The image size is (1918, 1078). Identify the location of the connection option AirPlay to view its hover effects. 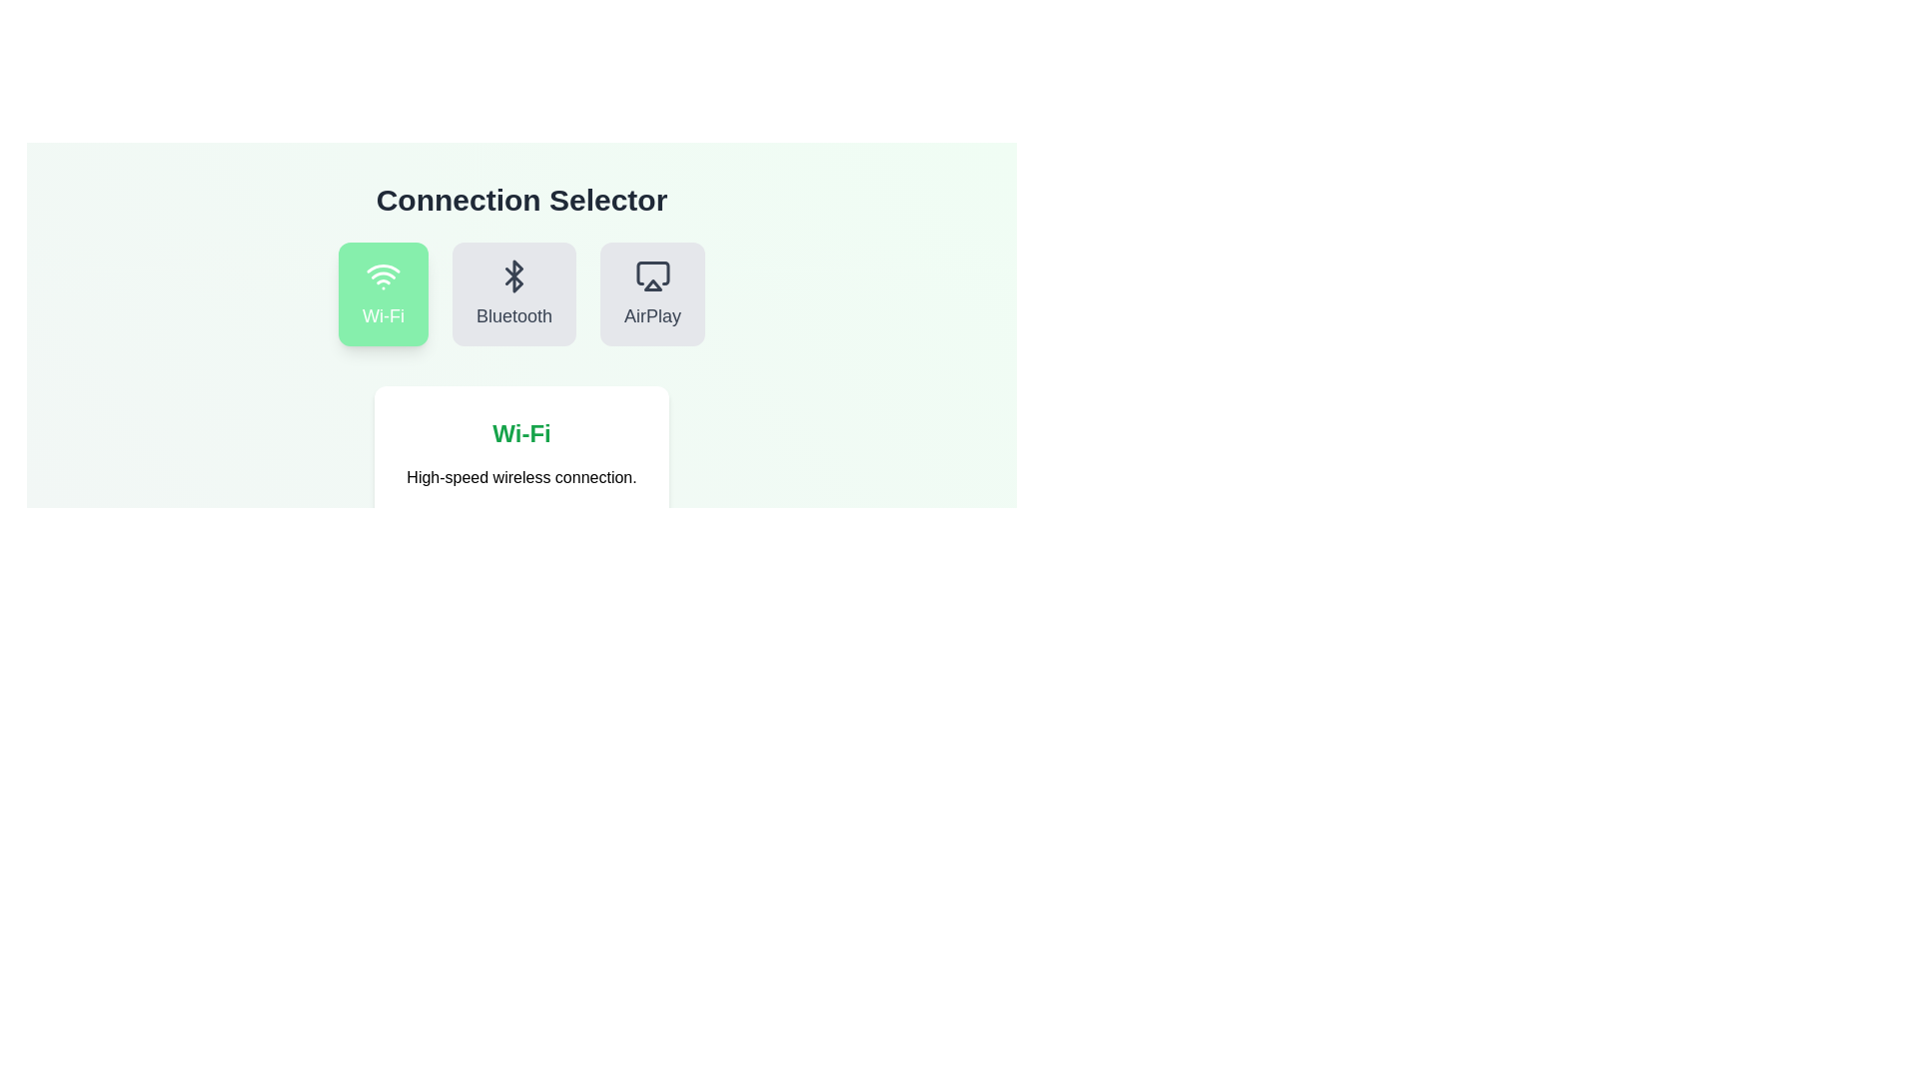
(652, 293).